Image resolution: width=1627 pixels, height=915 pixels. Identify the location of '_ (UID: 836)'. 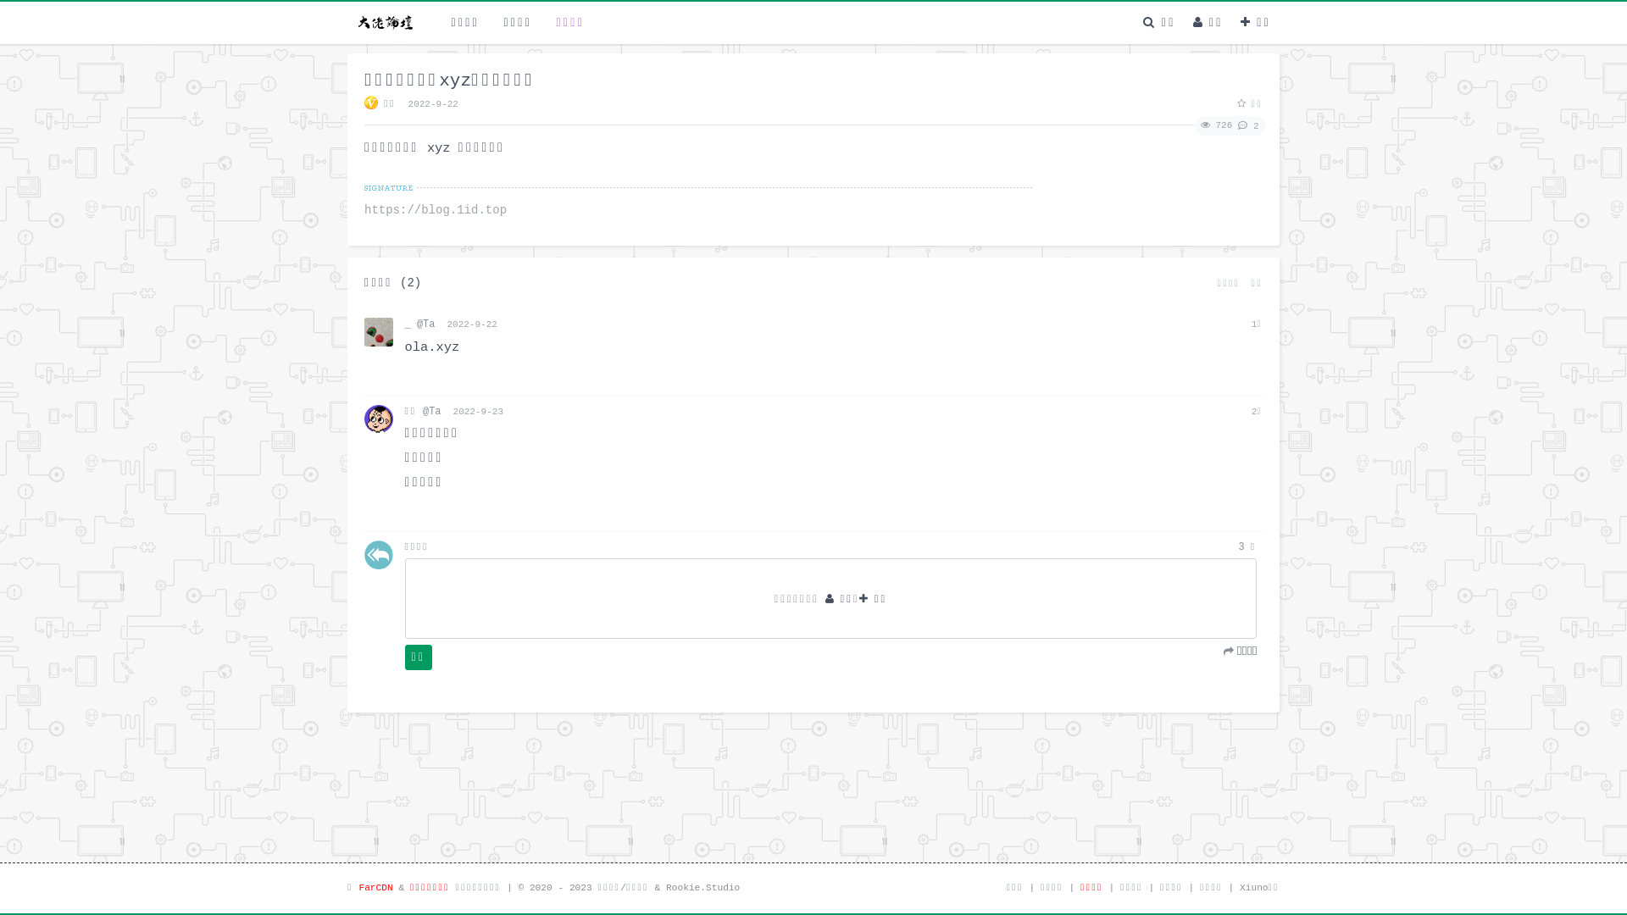
(364, 332).